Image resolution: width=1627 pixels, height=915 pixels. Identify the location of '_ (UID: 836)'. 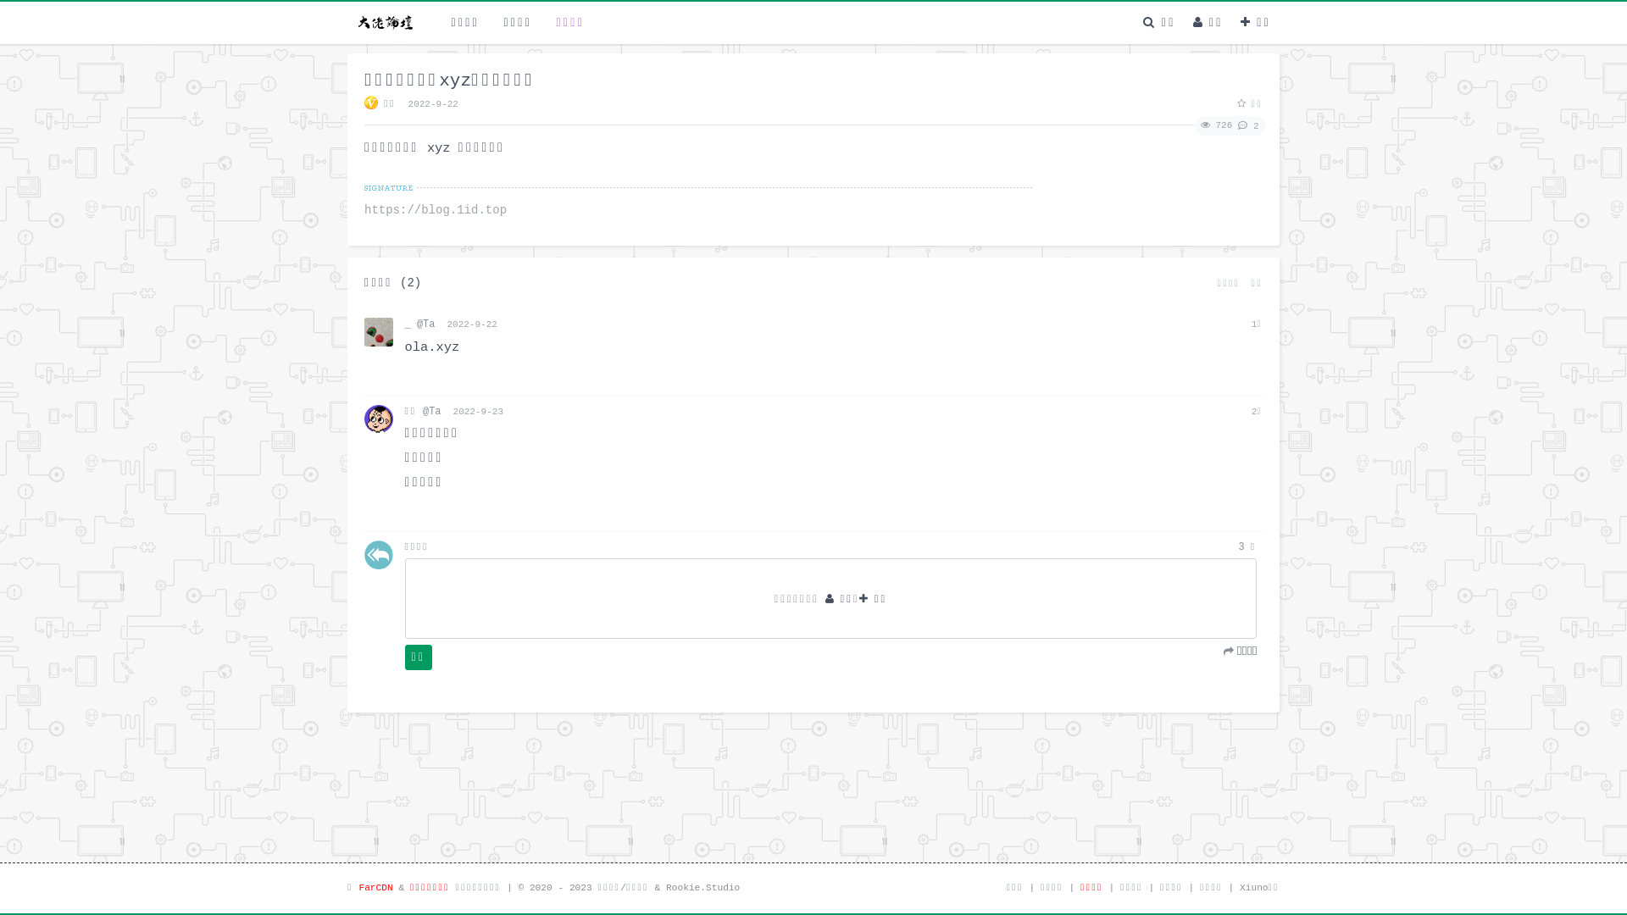
(364, 332).